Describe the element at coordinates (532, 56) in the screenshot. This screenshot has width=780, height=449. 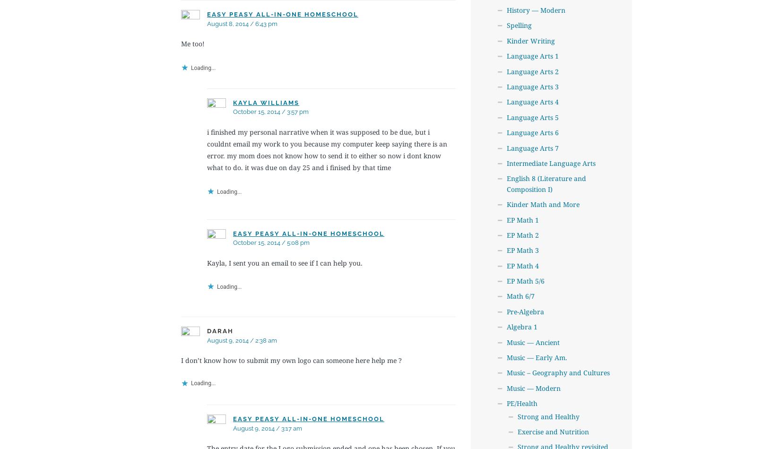
I see `'Language Arts 1'` at that location.